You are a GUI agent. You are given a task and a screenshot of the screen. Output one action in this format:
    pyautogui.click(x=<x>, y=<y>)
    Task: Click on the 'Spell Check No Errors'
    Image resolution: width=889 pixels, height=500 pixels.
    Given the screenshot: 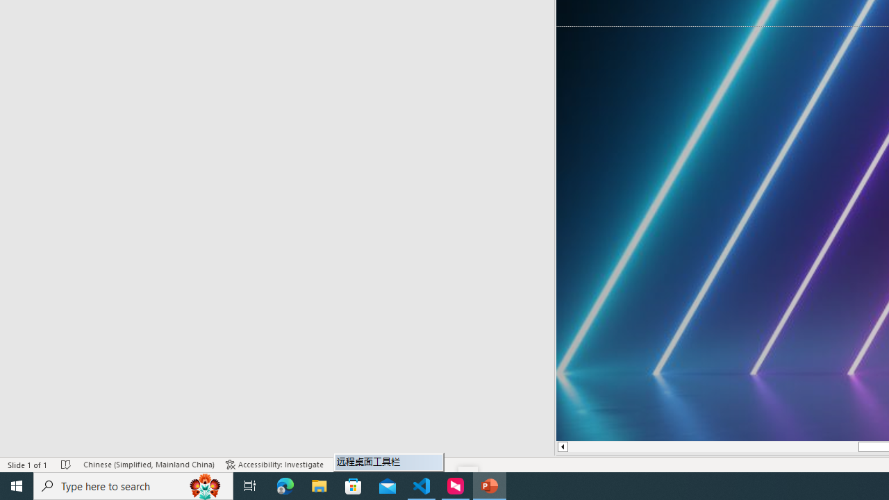 What is the action you would take?
    pyautogui.click(x=66, y=465)
    